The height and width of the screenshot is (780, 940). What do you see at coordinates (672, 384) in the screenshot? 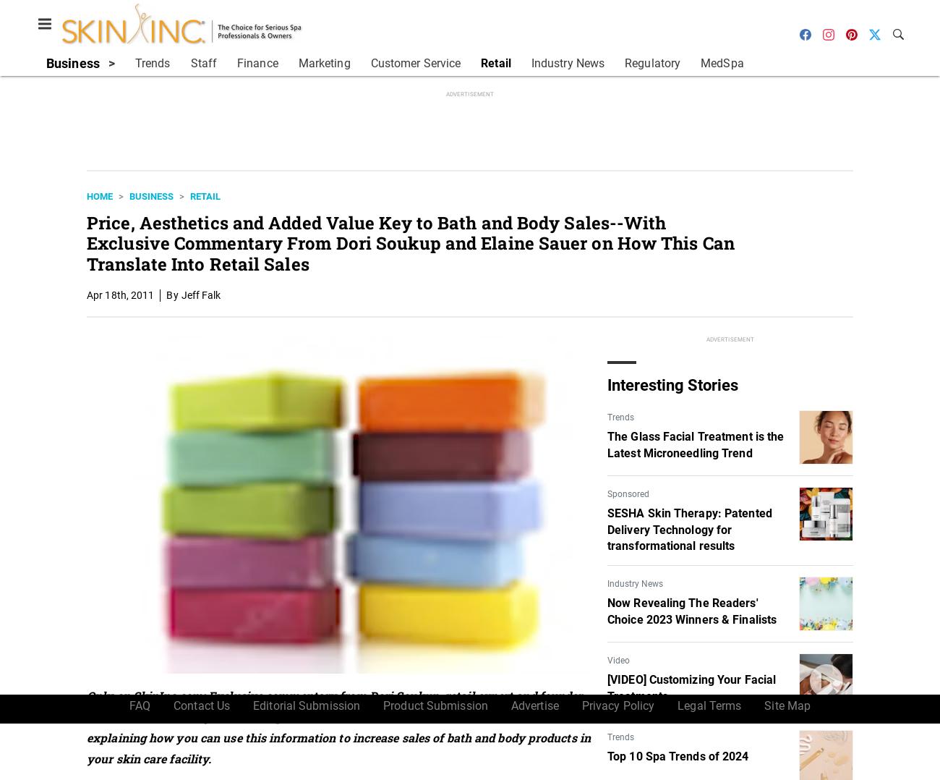
I see `'Interesting Stories'` at bounding box center [672, 384].